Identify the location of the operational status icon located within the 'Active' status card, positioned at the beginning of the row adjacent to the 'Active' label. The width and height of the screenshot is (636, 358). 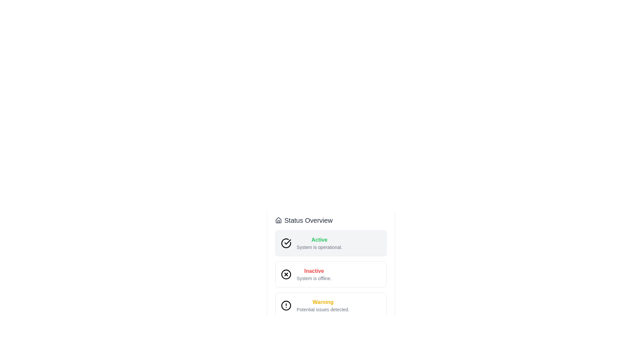
(288, 242).